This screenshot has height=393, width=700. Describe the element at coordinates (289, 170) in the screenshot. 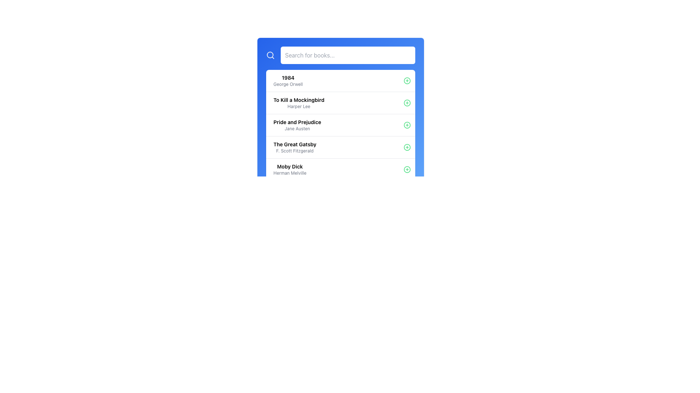

I see `the Text Display element showing the title 'Moby Dick' and author 'Herman Melville', which is positioned fifth in the list under a blue header with a search bar and has a plus icon as a sibling to its right` at that location.